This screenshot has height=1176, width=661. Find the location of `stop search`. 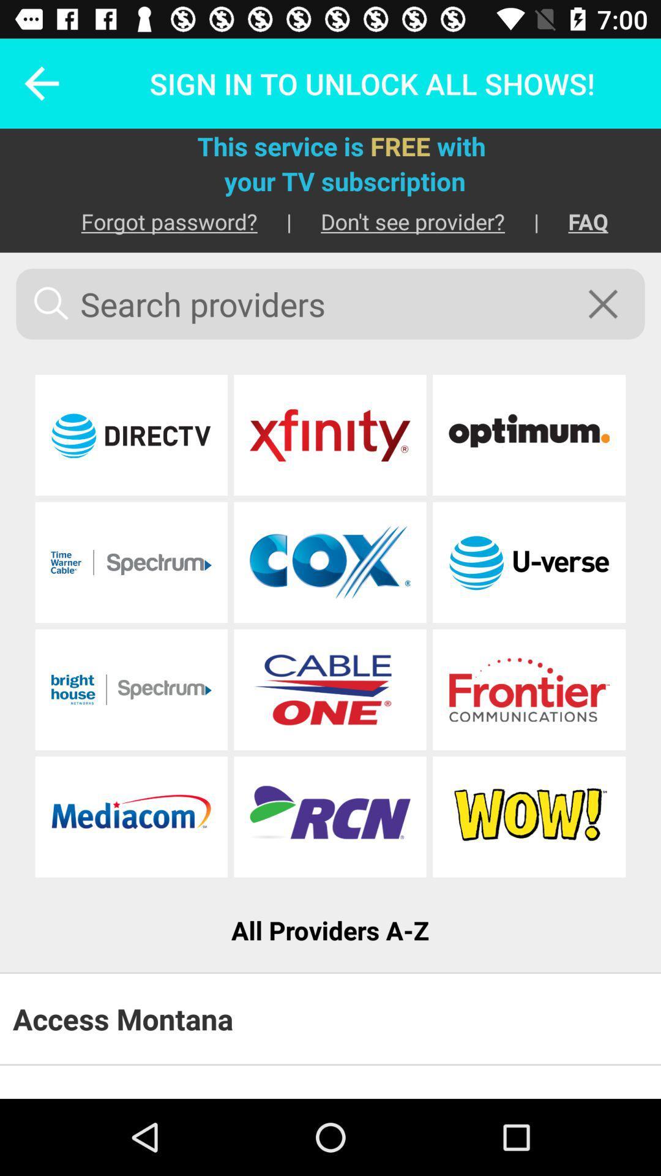

stop search is located at coordinates (611, 304).